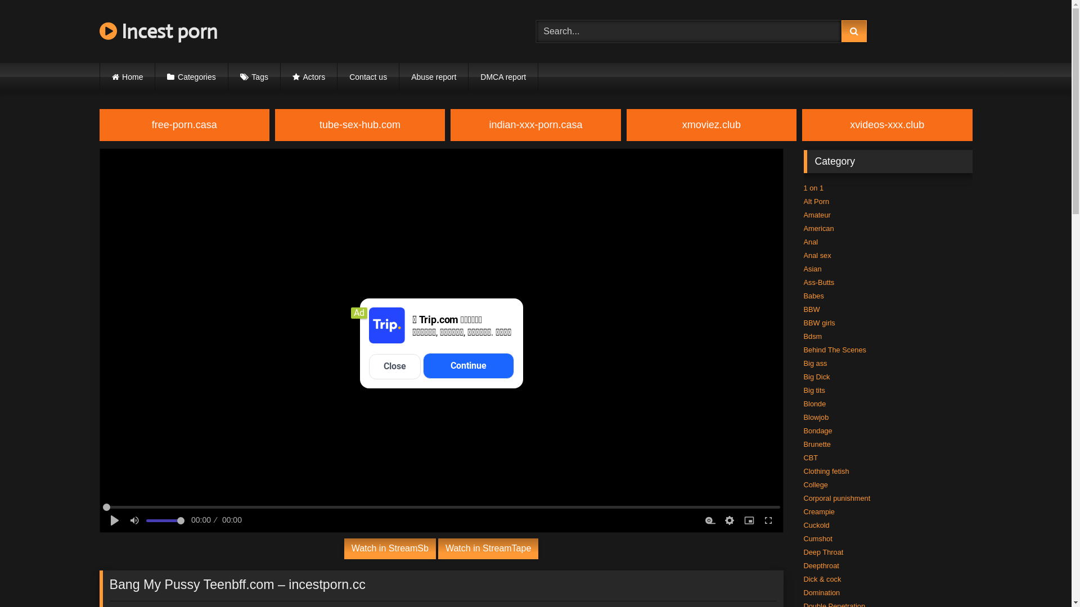 The width and height of the screenshot is (1080, 607). Describe the element at coordinates (390, 548) in the screenshot. I see `'Watch in StreamSb'` at that location.